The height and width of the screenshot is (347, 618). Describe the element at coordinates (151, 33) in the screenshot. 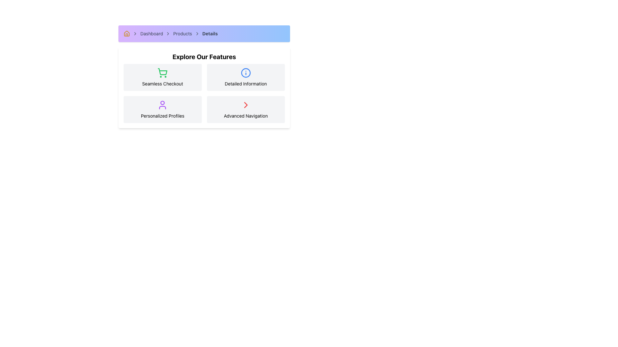

I see `the text label displaying 'Dashboard' in the breadcrumb navigation bar to examine the hover effect that changes the text color to blue` at that location.